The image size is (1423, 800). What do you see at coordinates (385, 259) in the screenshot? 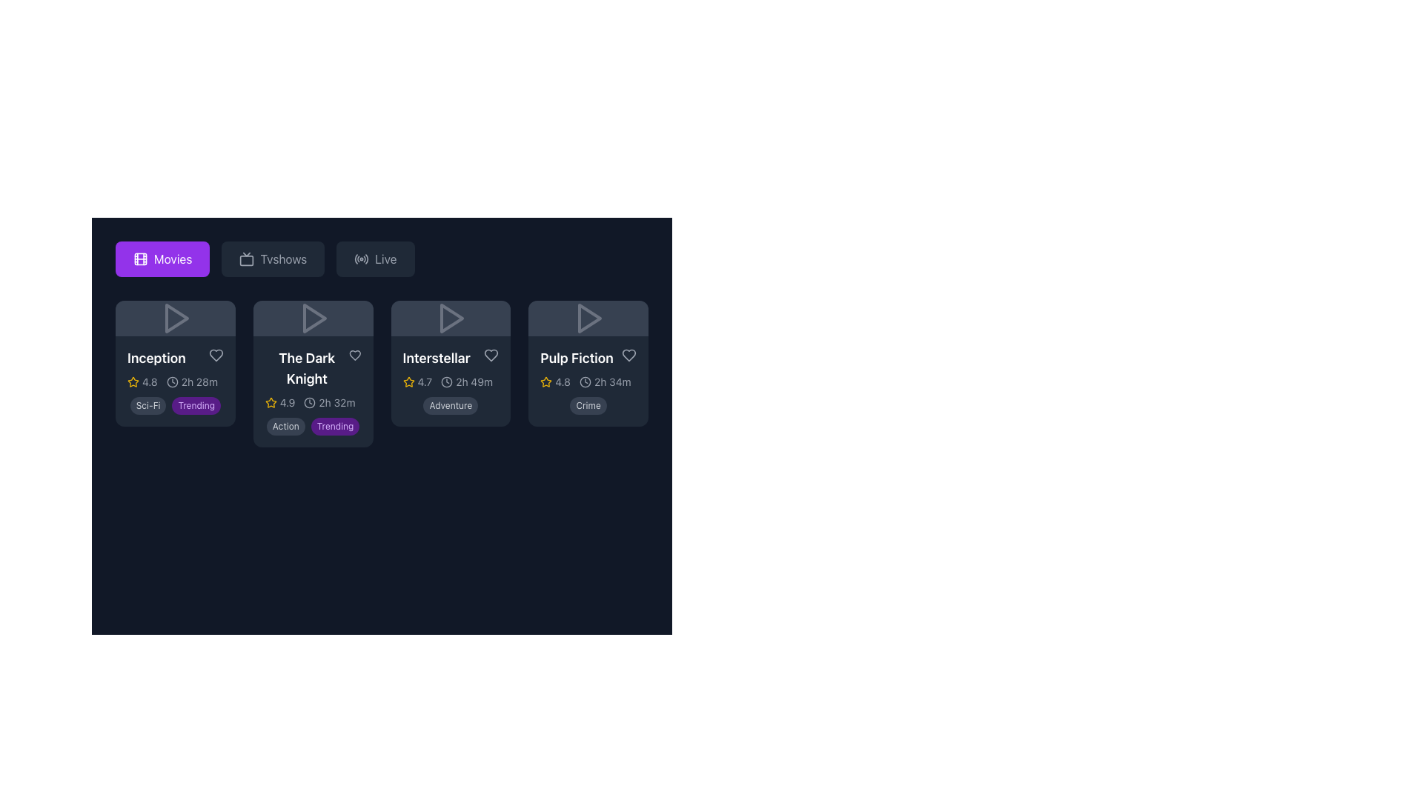
I see `the 'live' text label, which is styled in light gray on a dark gray background` at bounding box center [385, 259].